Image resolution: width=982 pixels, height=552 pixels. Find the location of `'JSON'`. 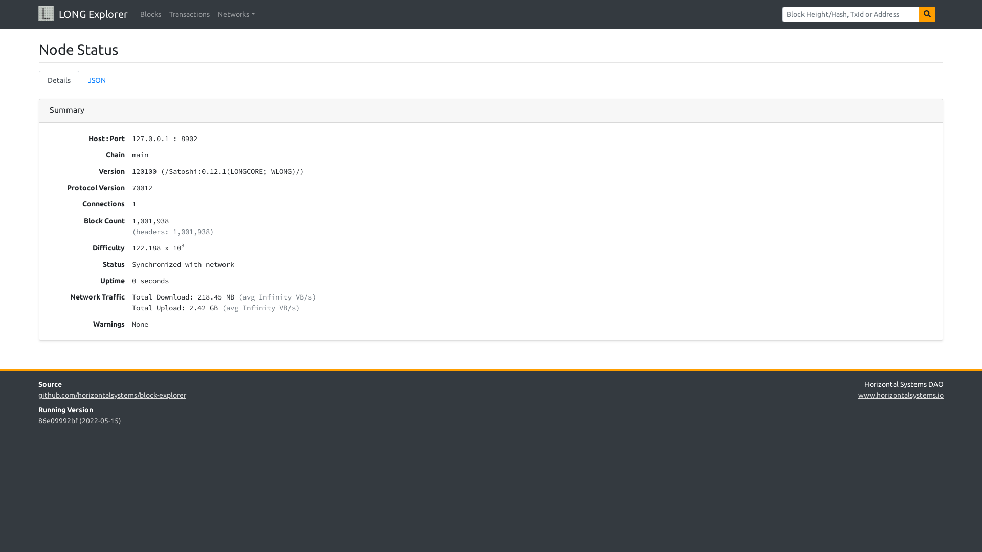

'JSON' is located at coordinates (97, 80).